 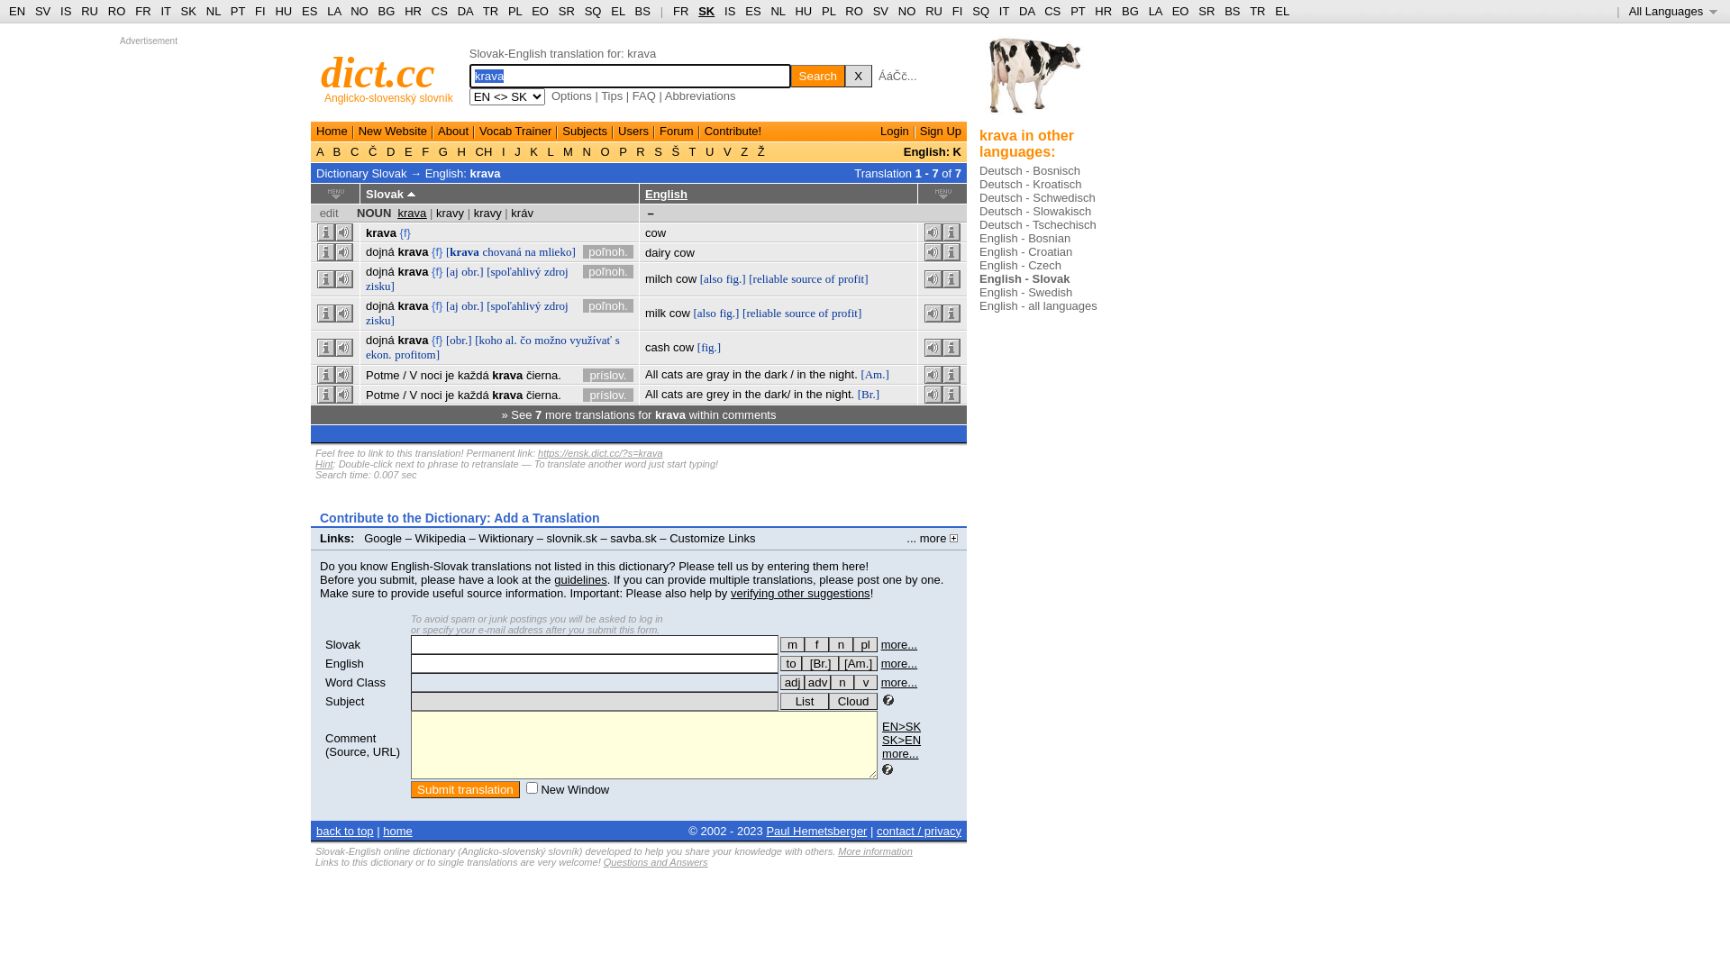 I want to click on 'Wikipedia', so click(x=441, y=537).